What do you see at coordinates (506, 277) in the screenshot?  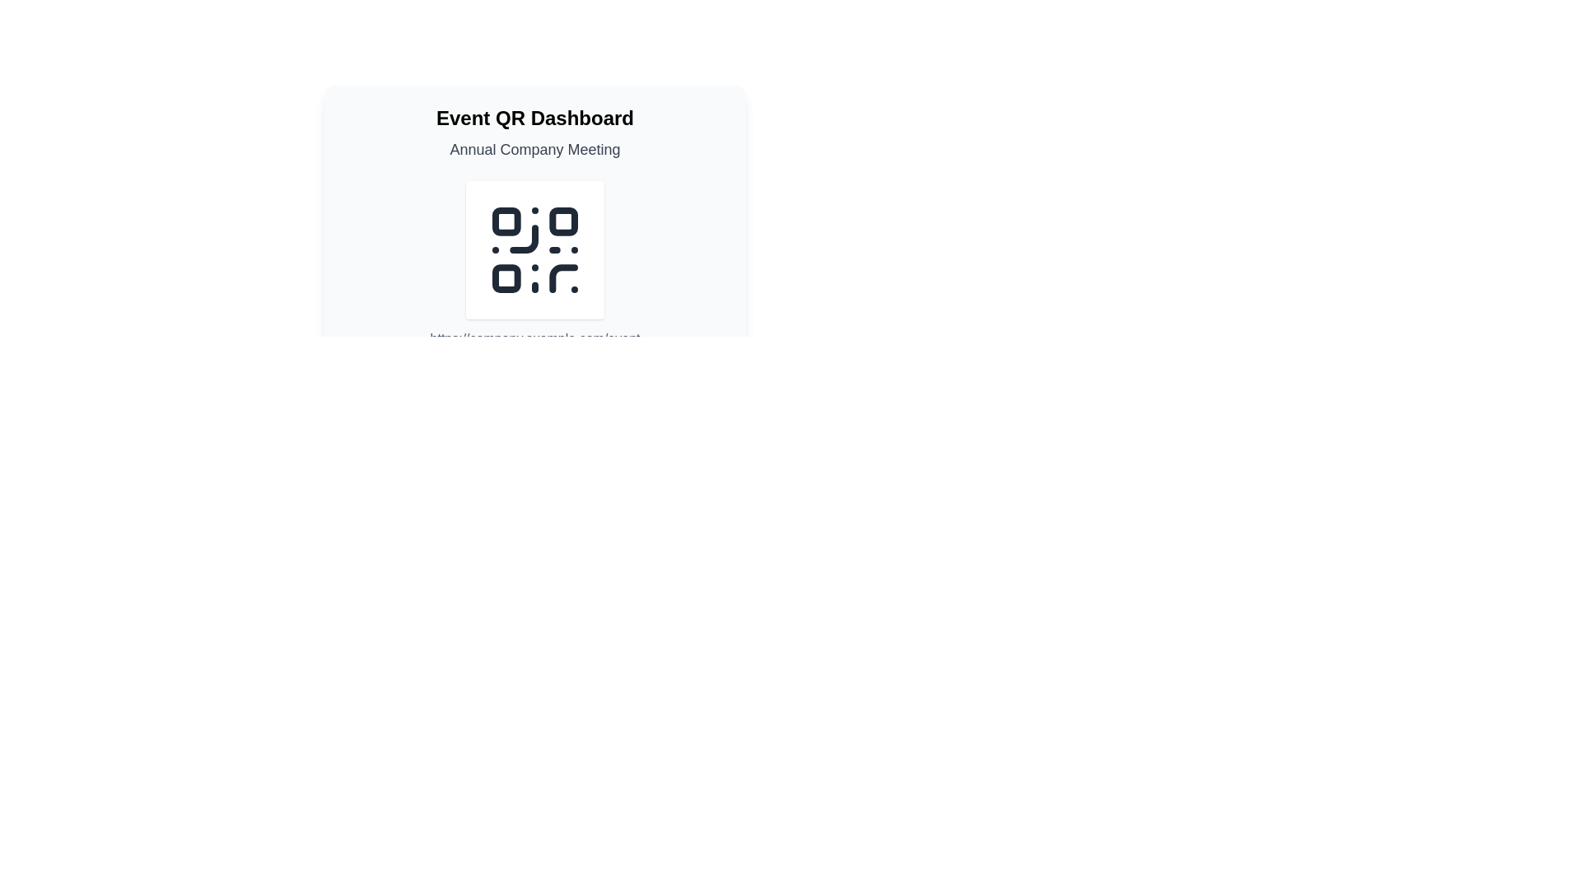 I see `the bottom-left rectangular component with rounded corners within the QR code graphic` at bounding box center [506, 277].